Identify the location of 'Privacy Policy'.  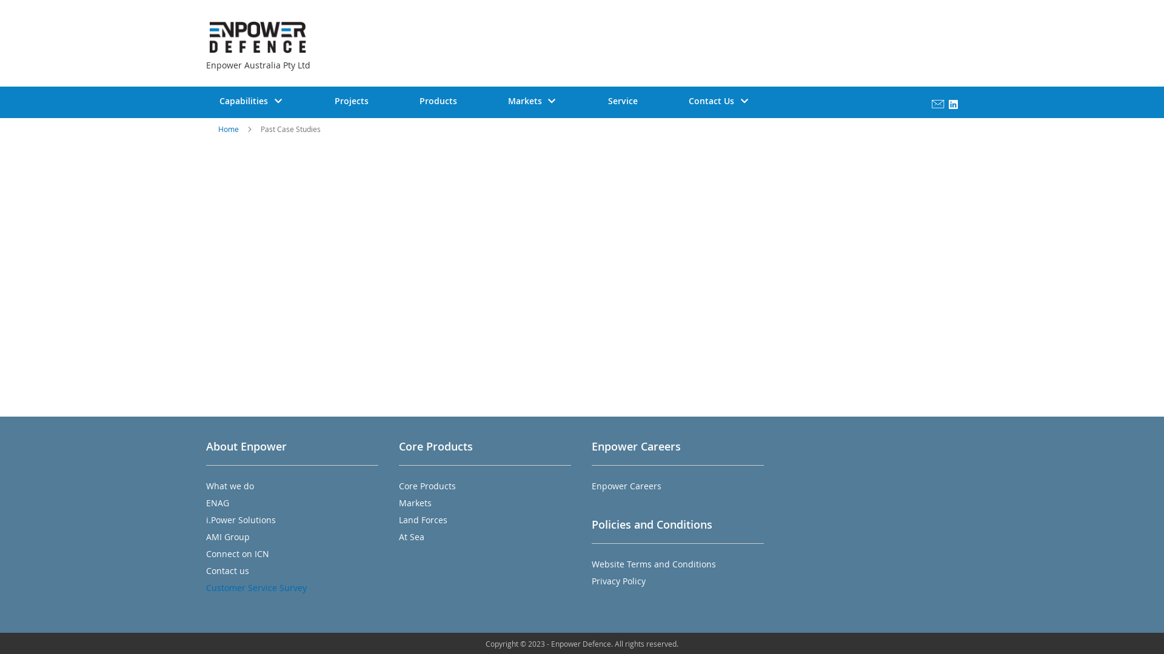
(618, 580).